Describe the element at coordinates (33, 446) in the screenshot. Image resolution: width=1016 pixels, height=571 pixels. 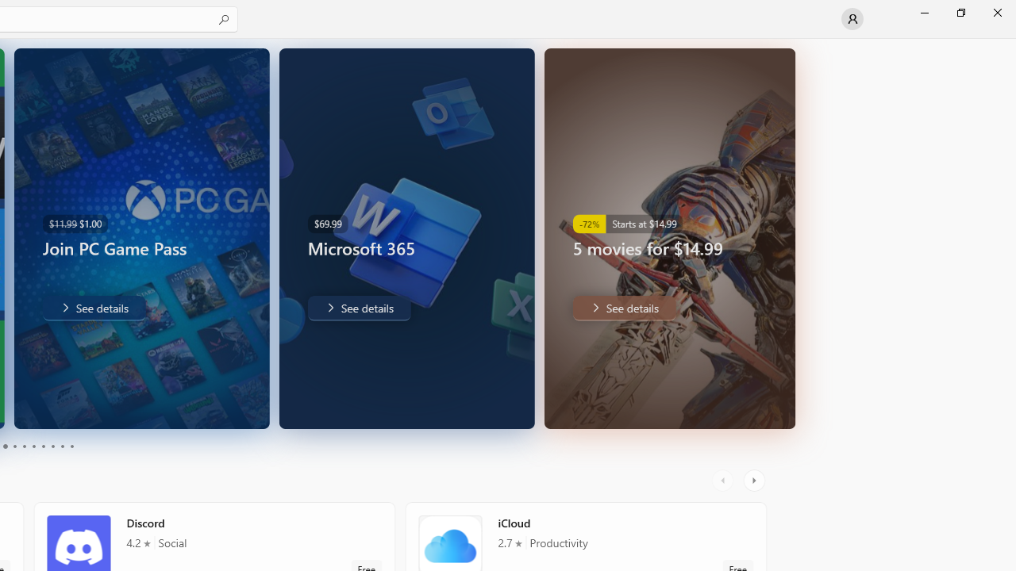
I see `'Page 6'` at that location.